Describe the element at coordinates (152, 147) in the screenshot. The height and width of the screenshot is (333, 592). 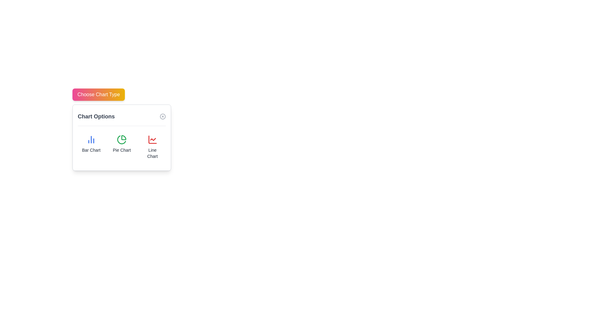
I see `the button labeled 'Line Chart', which is a vertically oriented card with a red line chart icon, located in the grid under 'Chart Options'` at that location.